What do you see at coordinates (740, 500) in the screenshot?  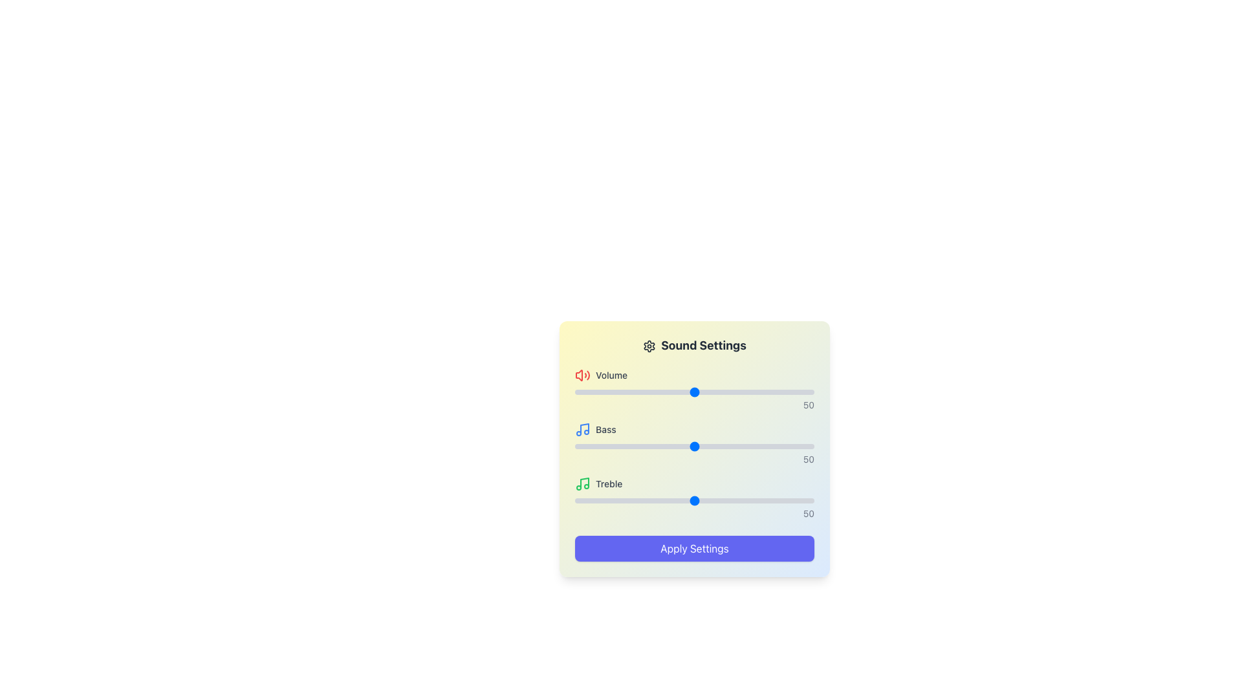 I see `treble` at bounding box center [740, 500].